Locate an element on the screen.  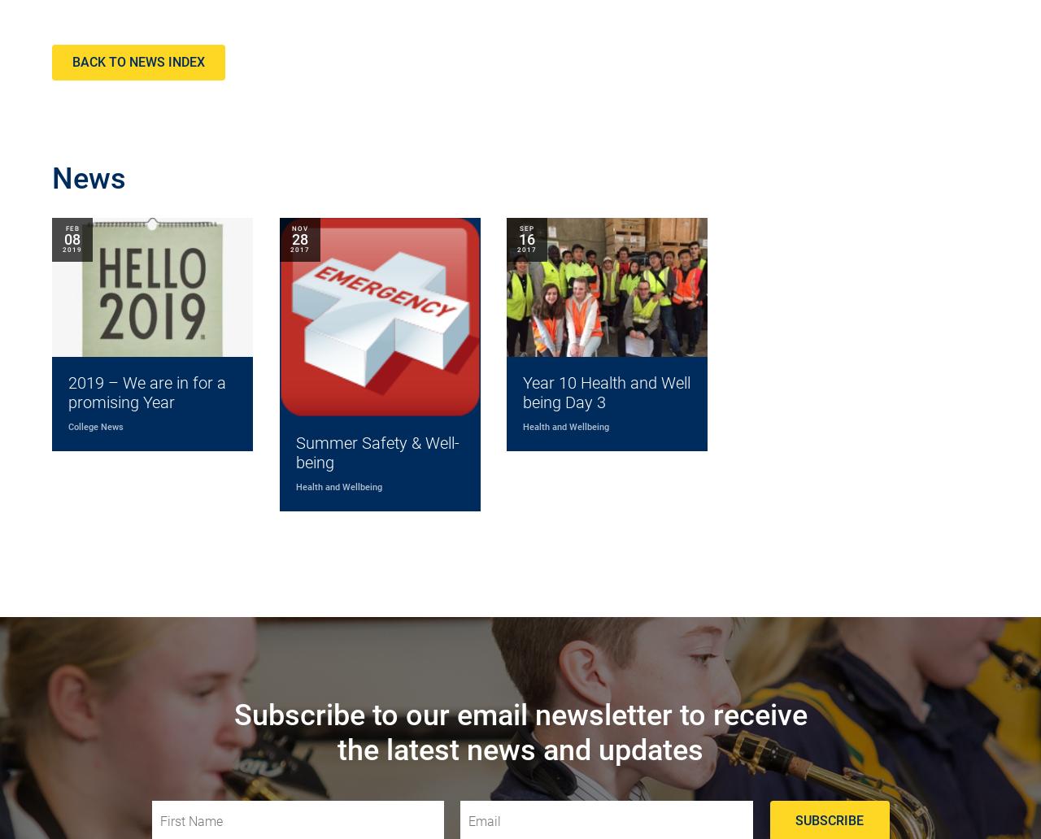
'16' is located at coordinates (517, 238).